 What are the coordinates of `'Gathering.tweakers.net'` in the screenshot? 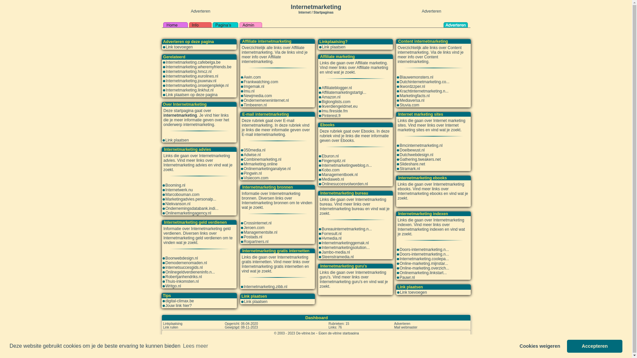 It's located at (420, 159).